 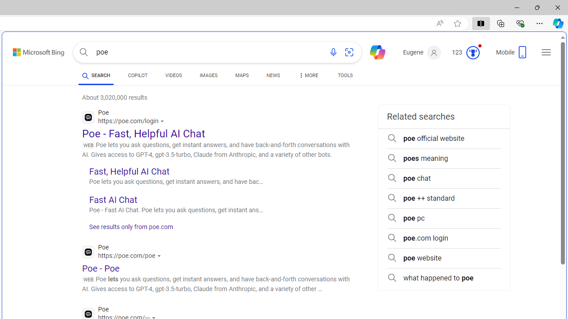 I want to click on 'what happened to poe', so click(x=444, y=278).